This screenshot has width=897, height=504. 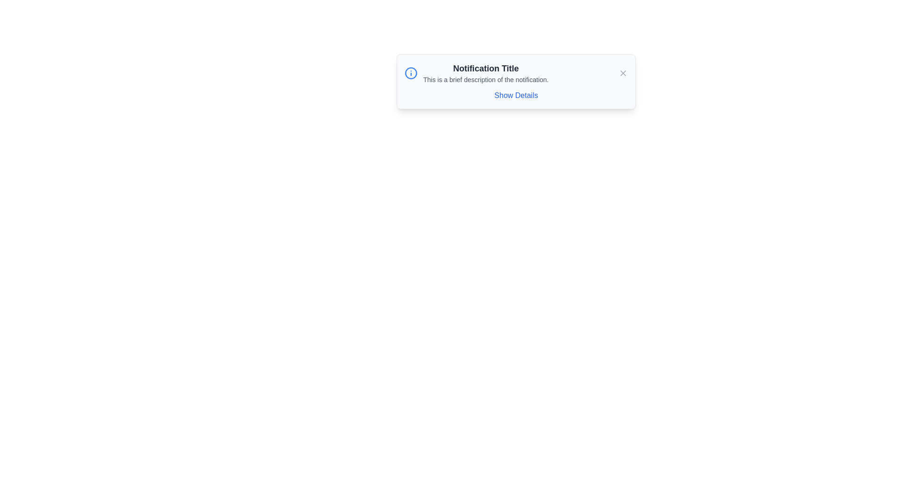 I want to click on text title 'Notification Title' displayed in bold and larger font within the notification card, so click(x=486, y=68).